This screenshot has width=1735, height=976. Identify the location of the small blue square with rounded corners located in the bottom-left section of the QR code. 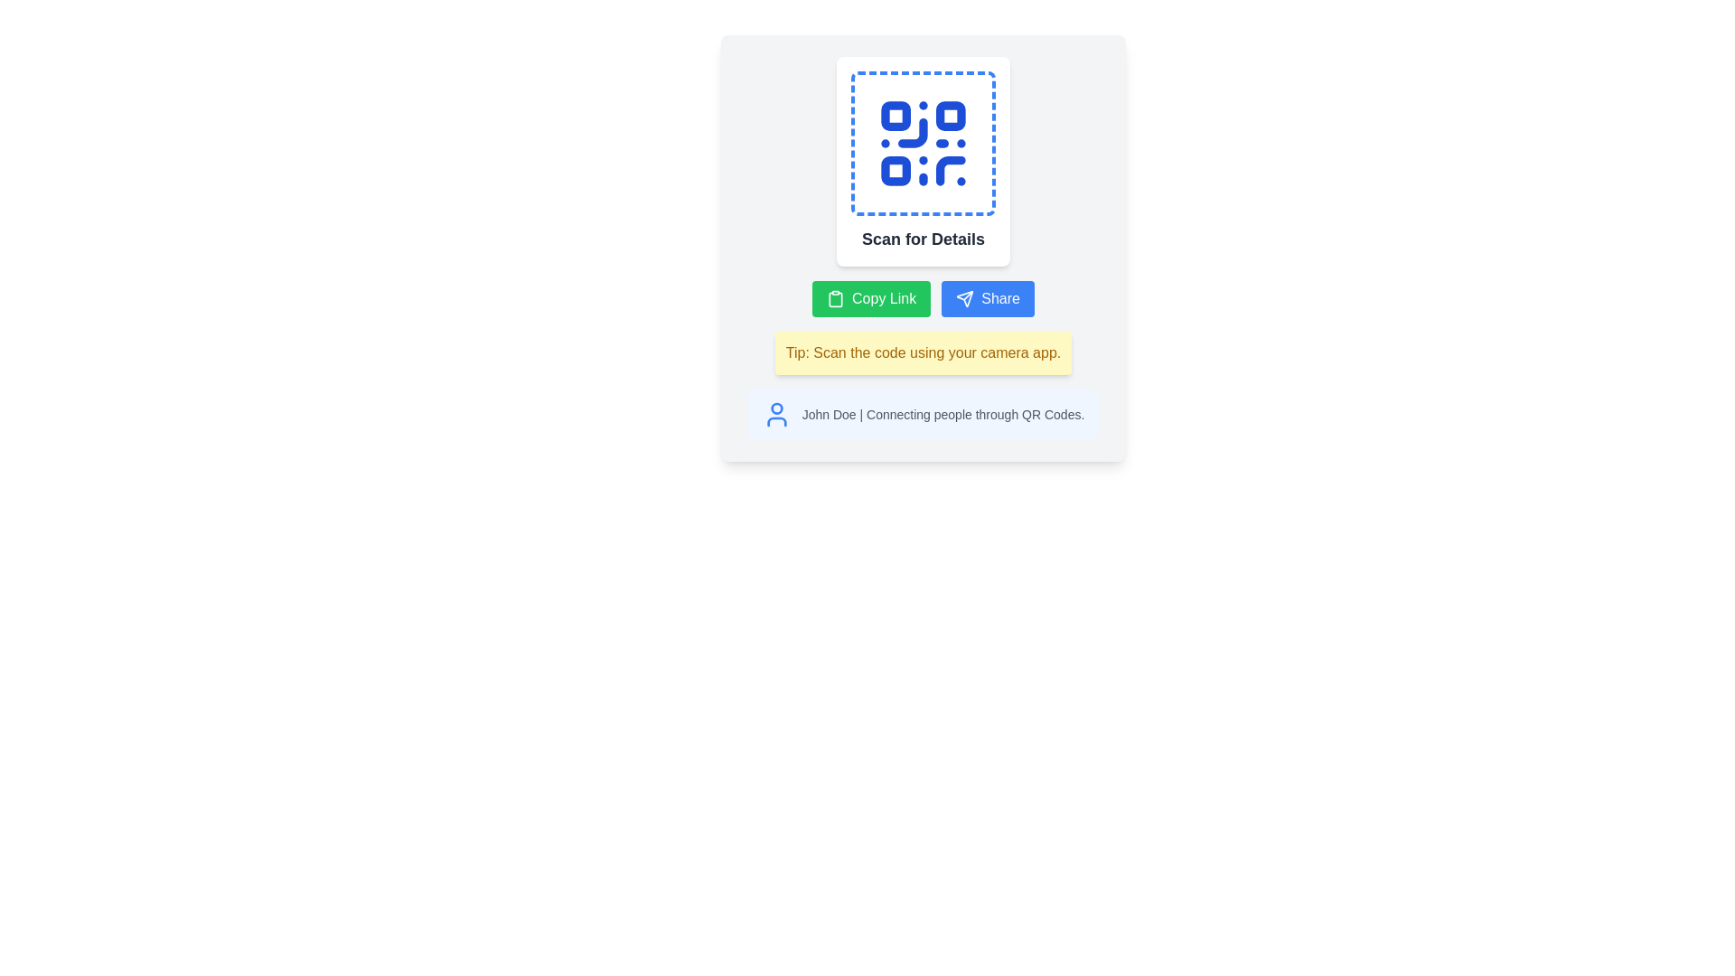
(896, 171).